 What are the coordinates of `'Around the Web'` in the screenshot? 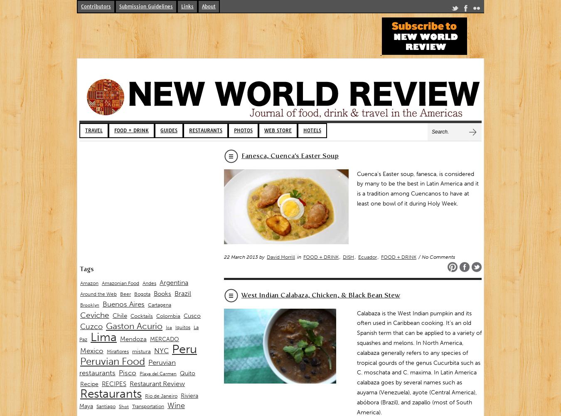 It's located at (98, 294).